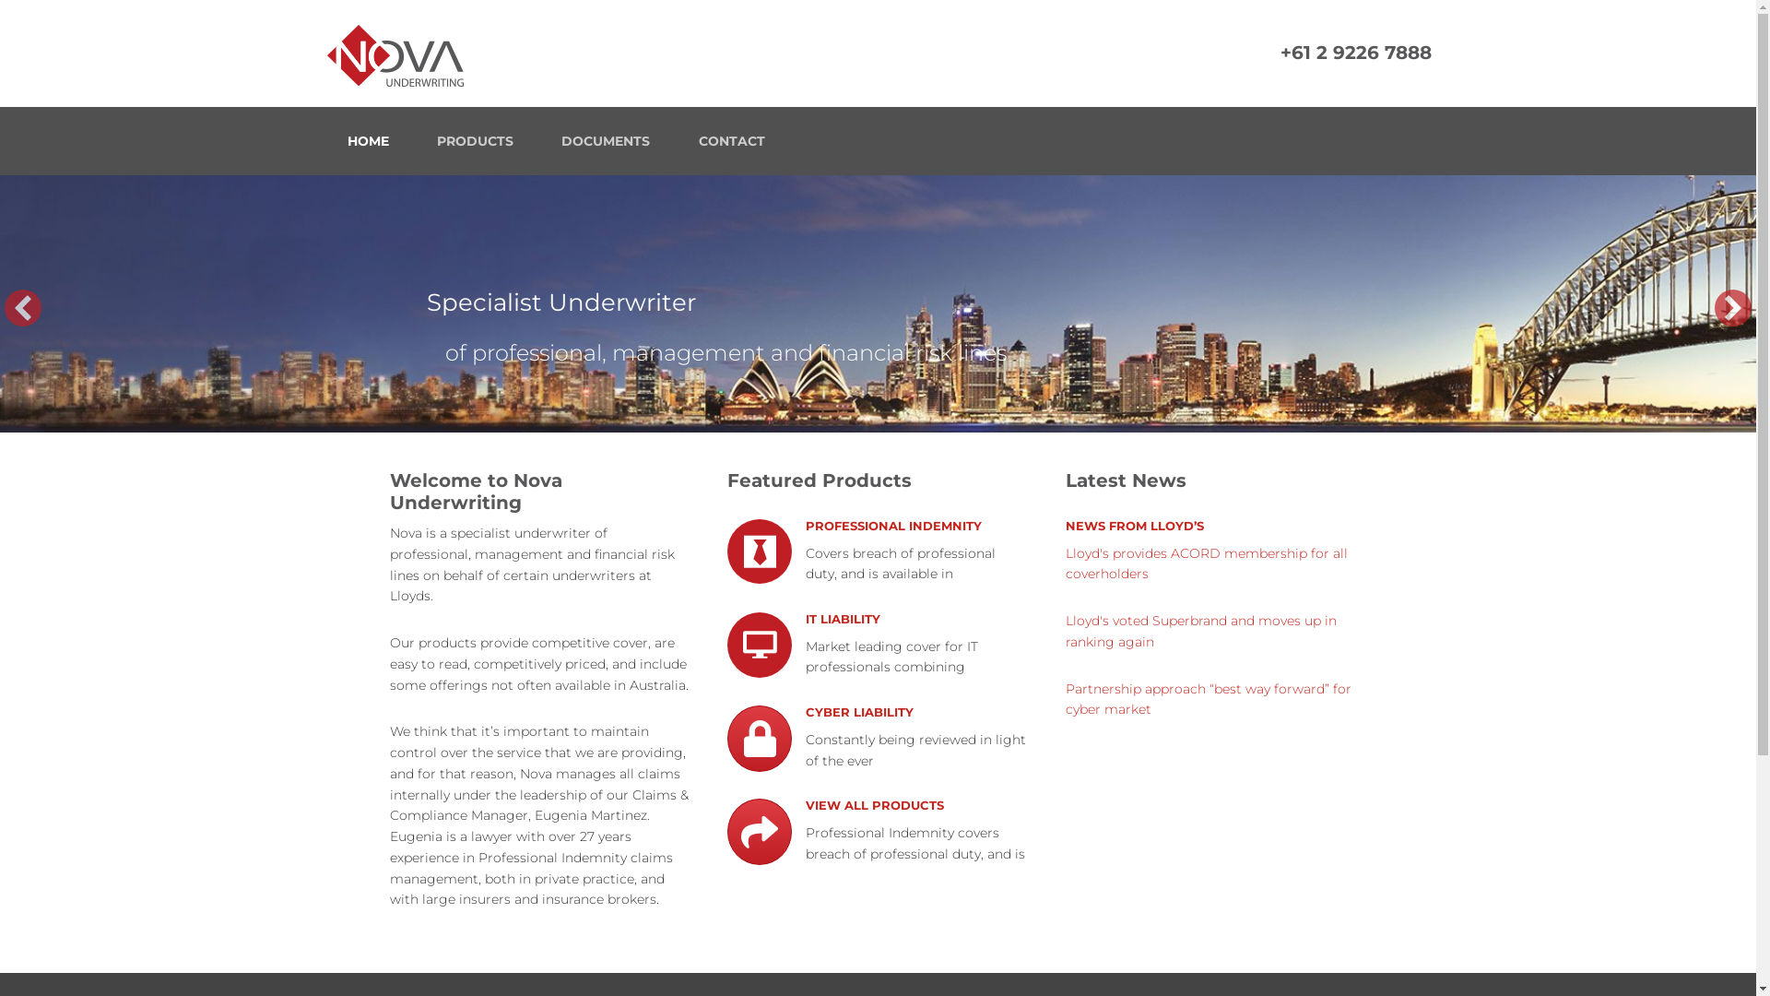 This screenshot has height=996, width=1770. Describe the element at coordinates (324, 52) in the screenshot. I see `'Nova Underwriting'` at that location.